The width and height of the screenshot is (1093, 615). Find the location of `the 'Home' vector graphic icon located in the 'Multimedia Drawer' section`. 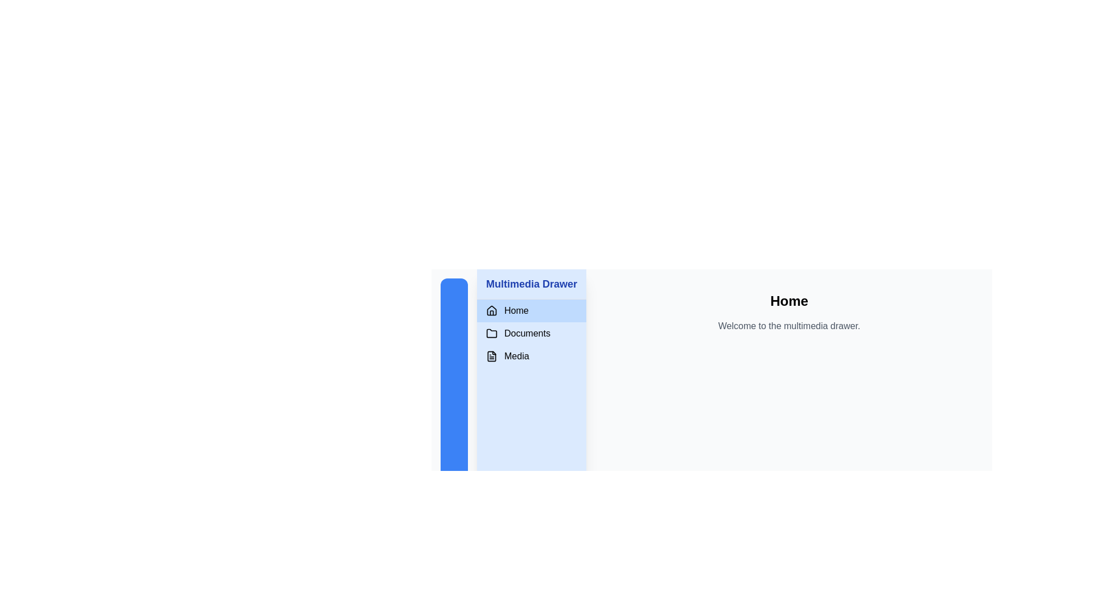

the 'Home' vector graphic icon located in the 'Multimedia Drawer' section is located at coordinates (492, 310).